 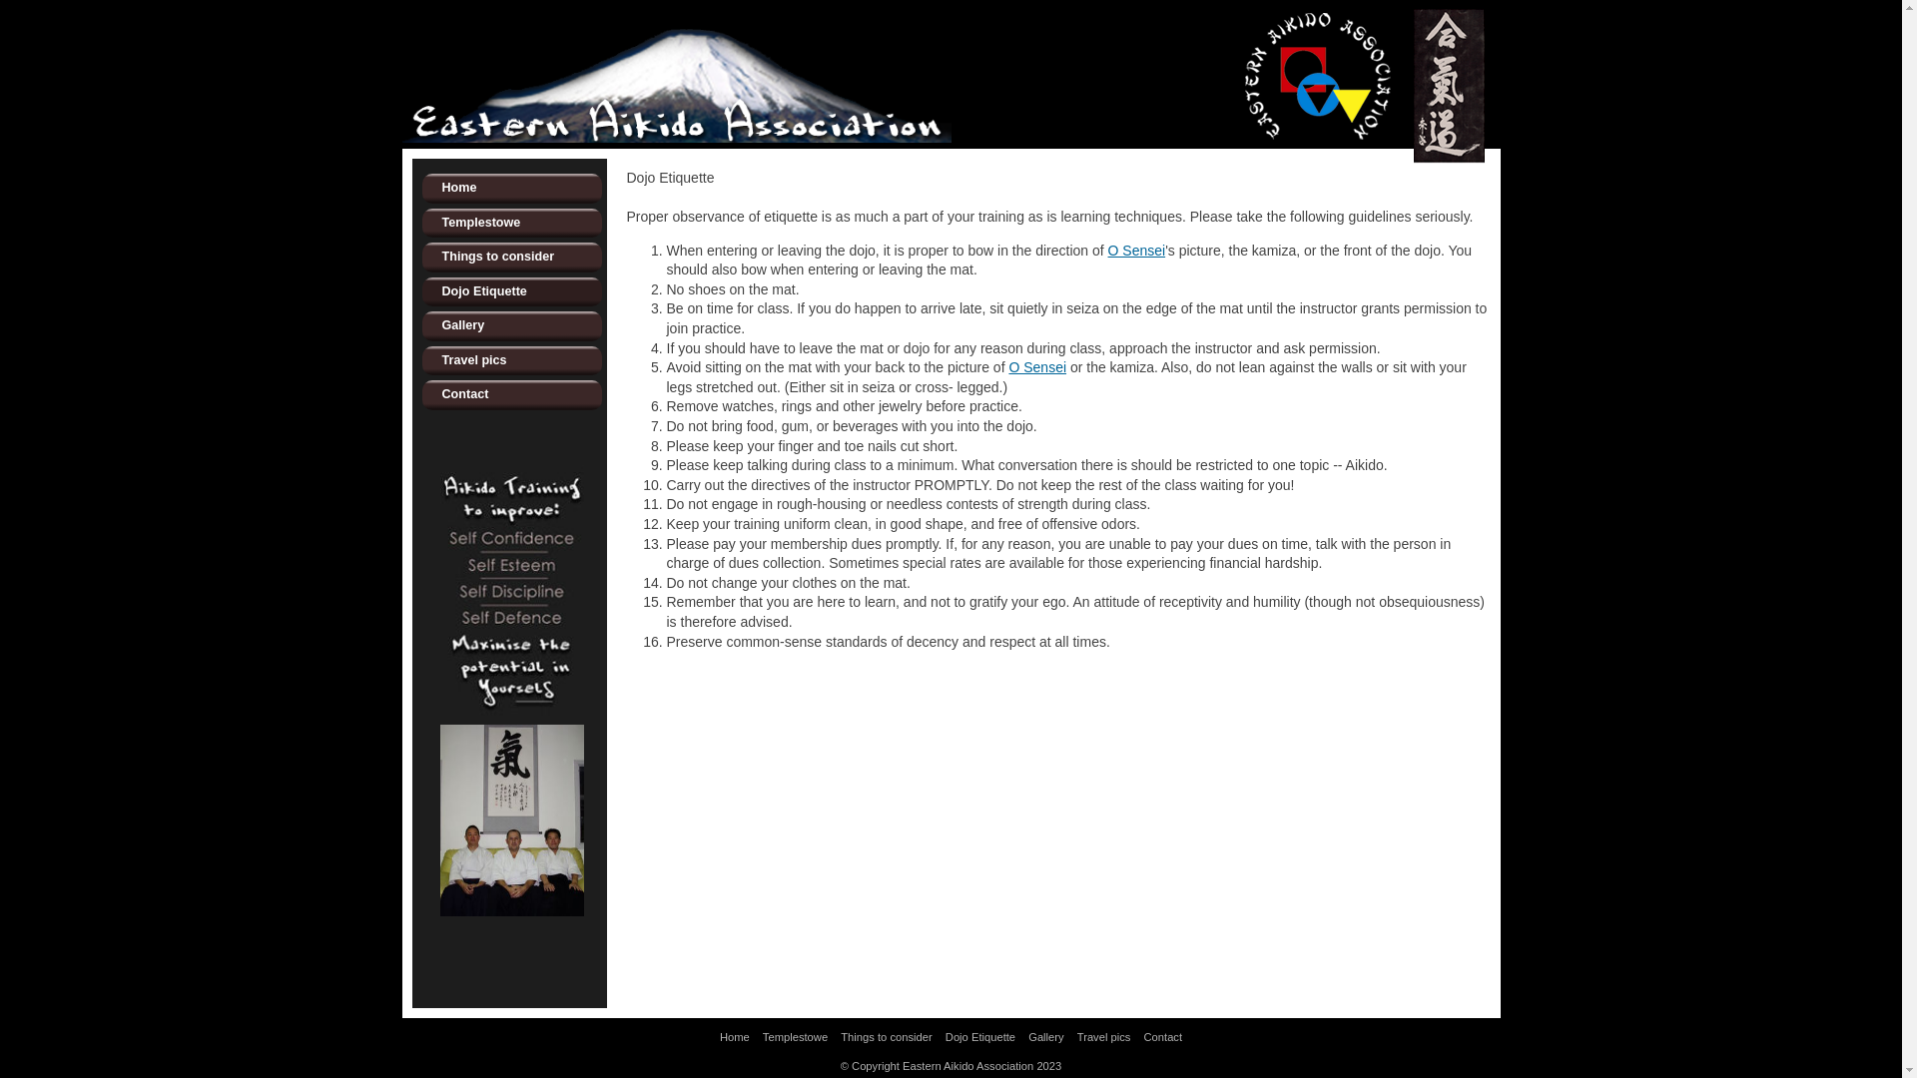 What do you see at coordinates (511, 361) in the screenshot?
I see `'Travel pics'` at bounding box center [511, 361].